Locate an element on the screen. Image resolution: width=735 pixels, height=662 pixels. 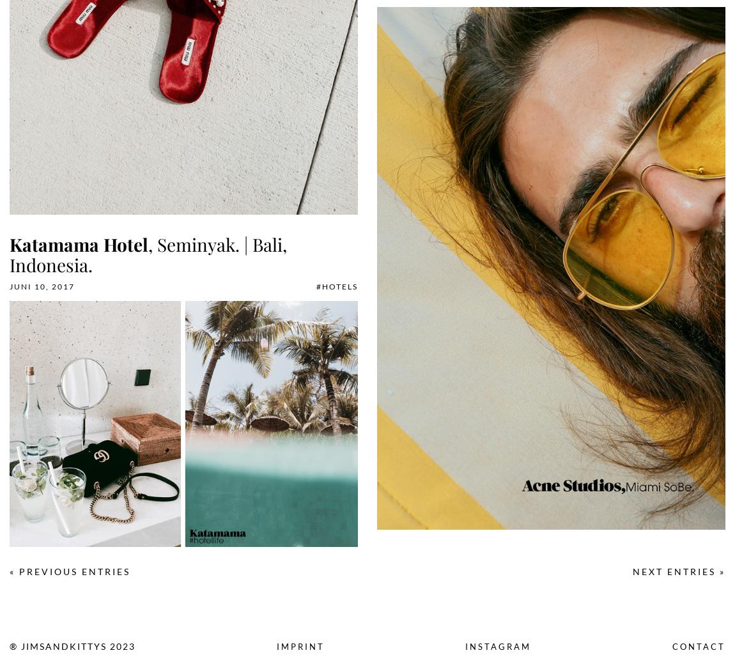
'Juni 10, 2017' is located at coordinates (42, 286).